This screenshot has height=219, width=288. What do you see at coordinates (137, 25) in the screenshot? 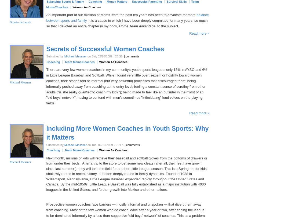
I see `'Home Team Advantage'` at bounding box center [137, 25].